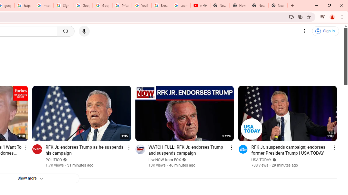 The image size is (348, 195). I want to click on 'https://scholar.google.com/', so click(44, 5).